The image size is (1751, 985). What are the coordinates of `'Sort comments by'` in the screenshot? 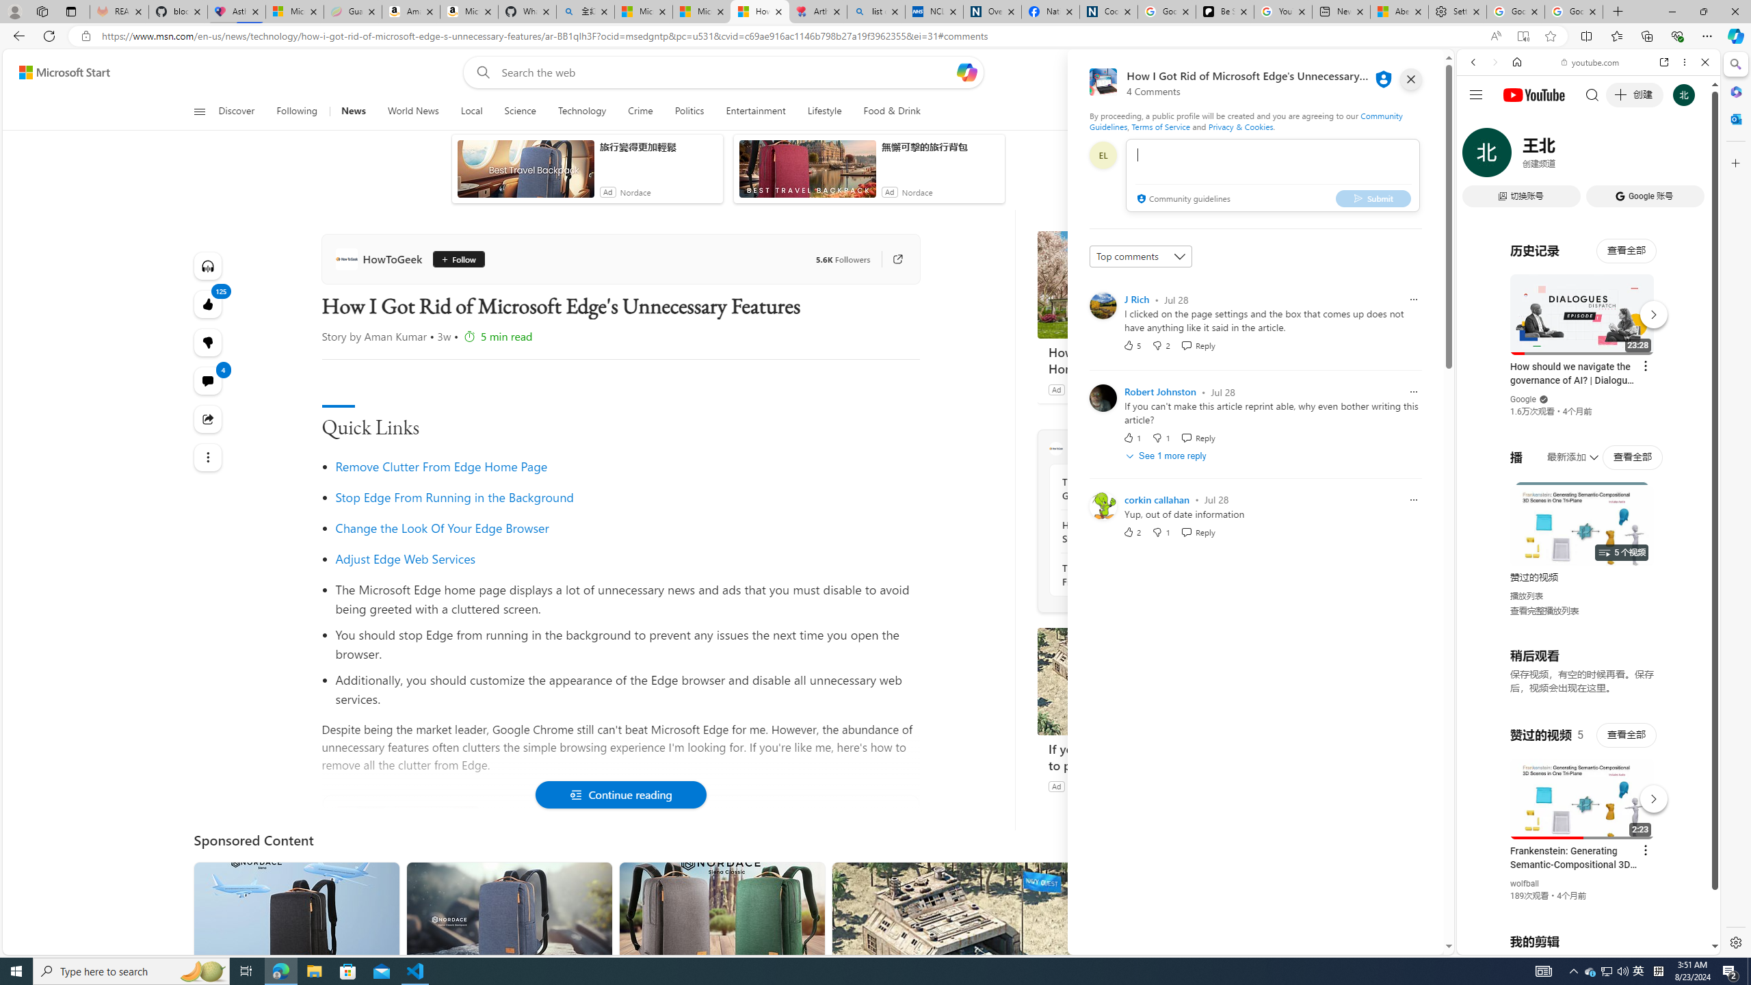 It's located at (1140, 257).